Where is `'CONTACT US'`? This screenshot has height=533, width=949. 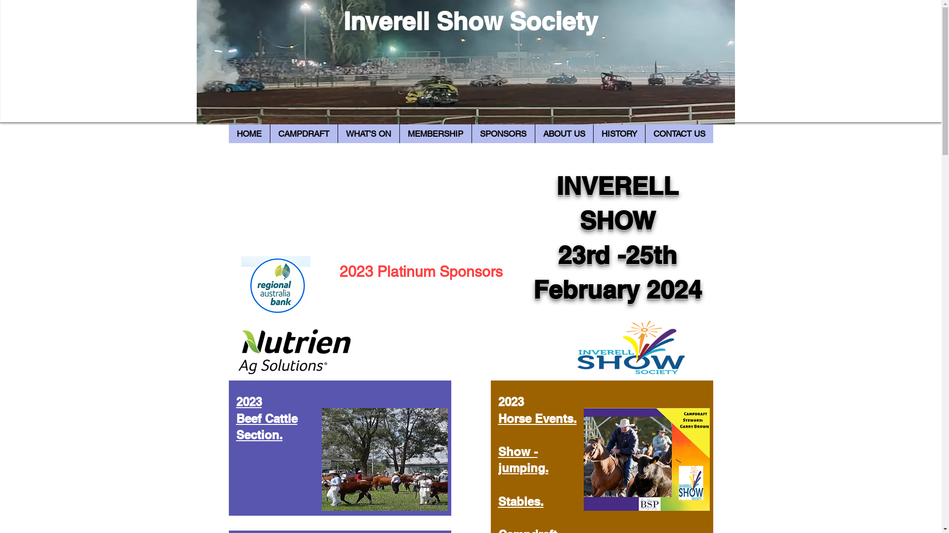 'CONTACT US' is located at coordinates (678, 133).